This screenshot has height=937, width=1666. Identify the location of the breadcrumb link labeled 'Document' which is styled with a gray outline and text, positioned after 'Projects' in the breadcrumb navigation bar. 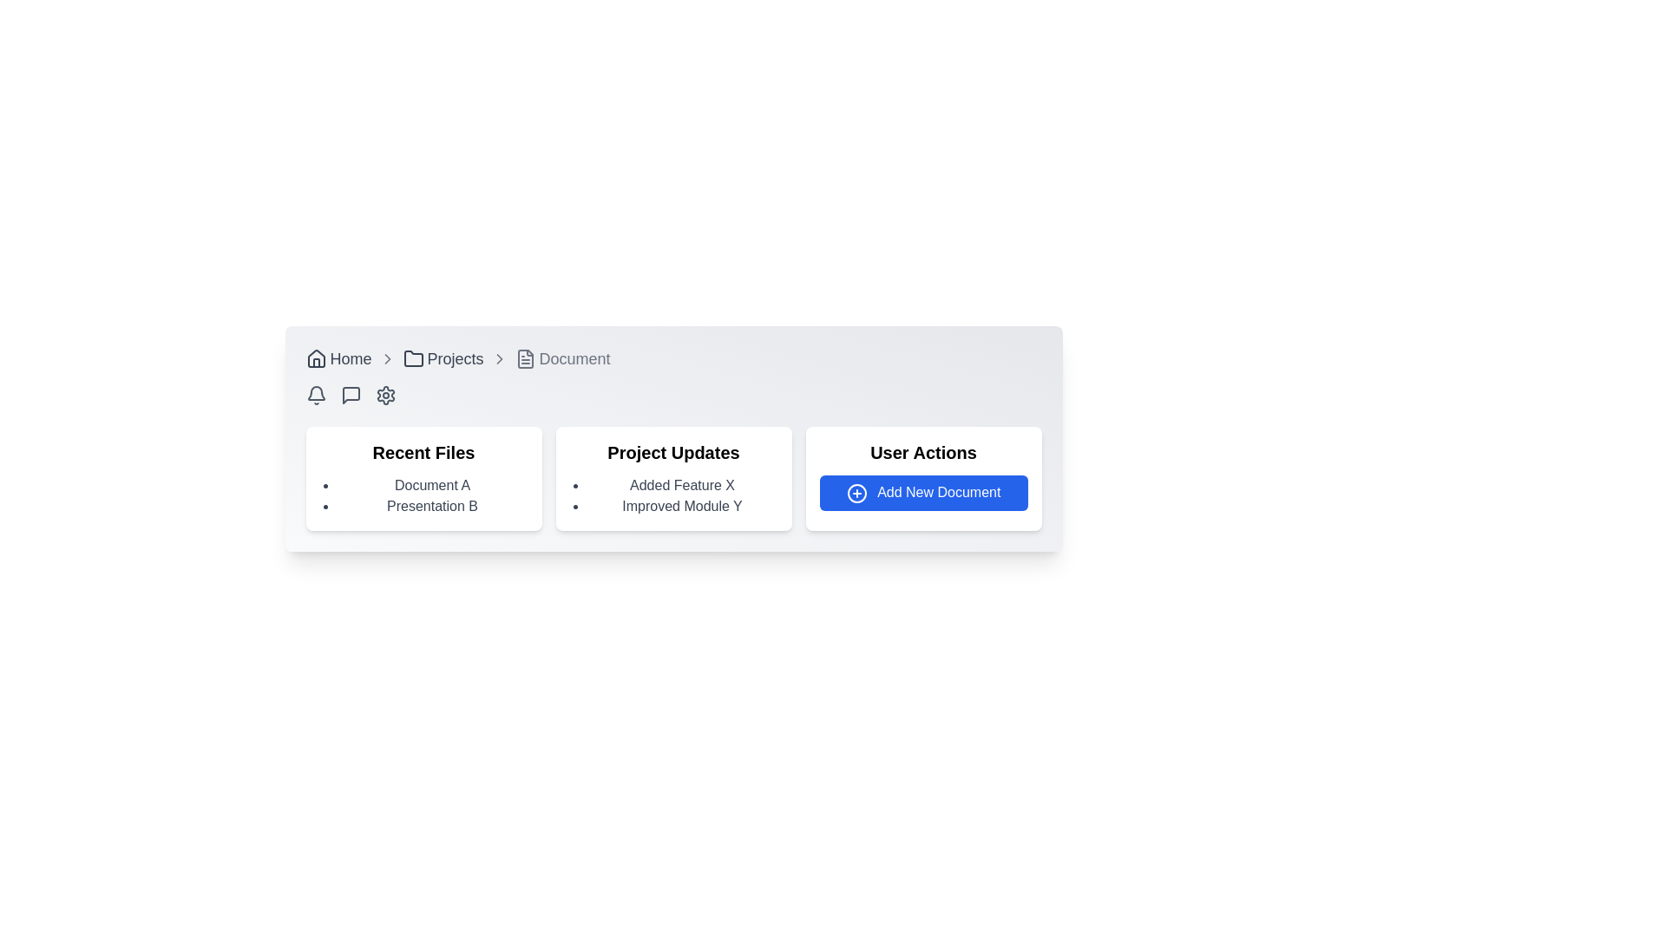
(562, 357).